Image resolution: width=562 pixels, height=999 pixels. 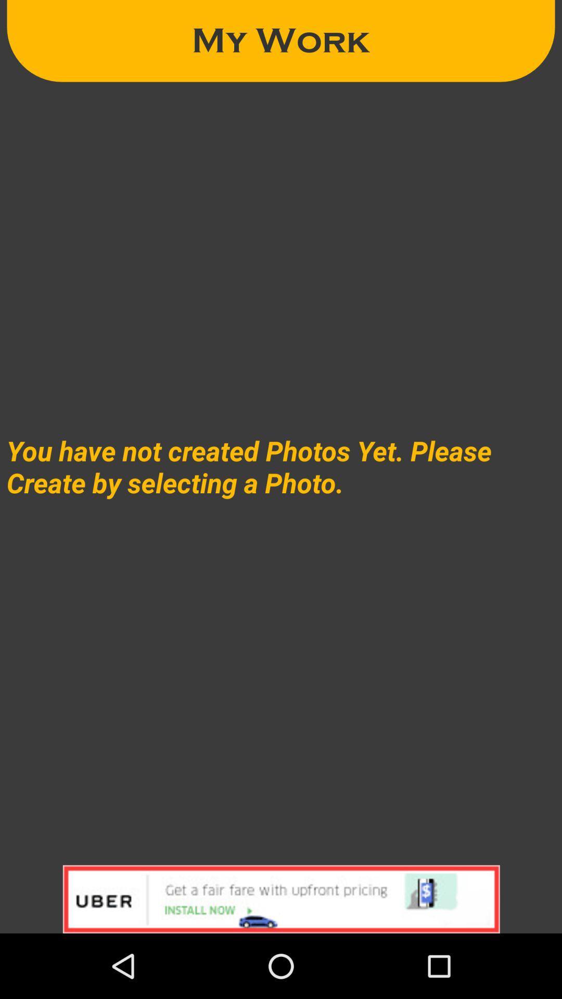 I want to click on currently displayed advertisement, so click(x=281, y=899).